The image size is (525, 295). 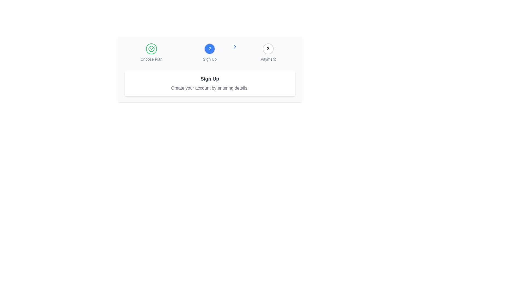 What do you see at coordinates (209, 83) in the screenshot?
I see `informational box containing the text 'Sign Up' and the smaller gray text 'Create your account by entering details', which is located below a horizontal progress tracker` at bounding box center [209, 83].